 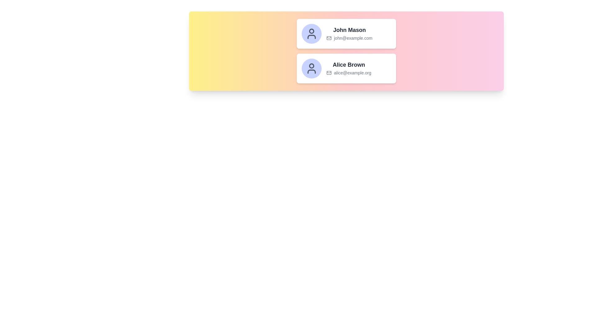 What do you see at coordinates (349, 68) in the screenshot?
I see `the text display component that shows the user's name and email address, located in the second card from the top` at bounding box center [349, 68].